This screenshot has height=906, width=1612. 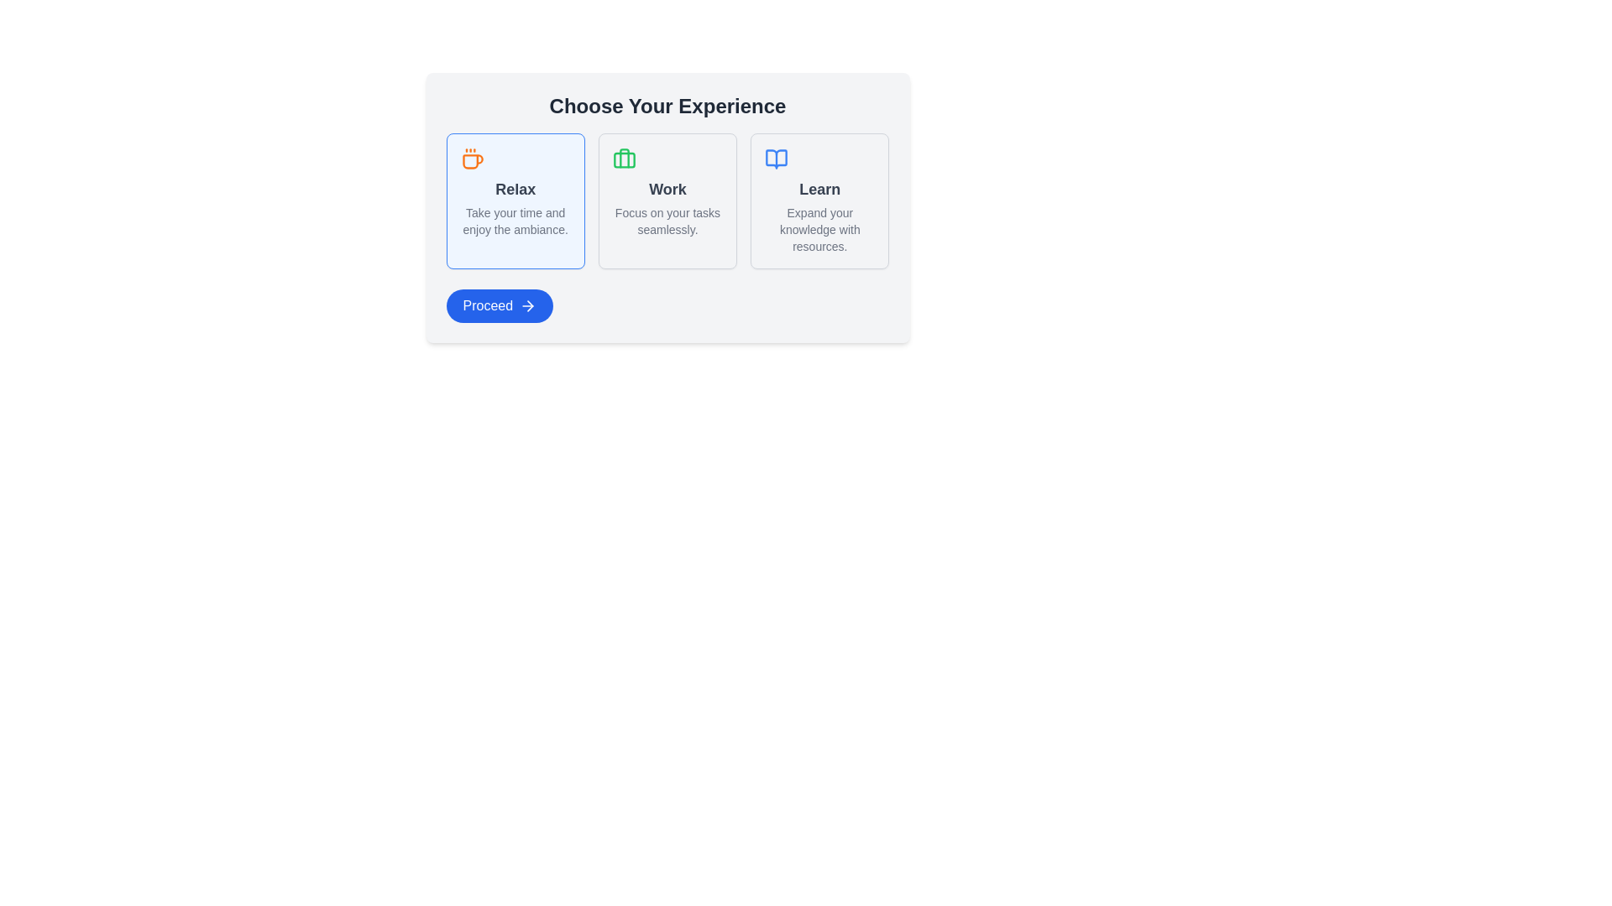 I want to click on the orange coffee icon representing relaxation, which is the first selectable icon in the 'Choose Your Experience' interface, so click(x=471, y=159).